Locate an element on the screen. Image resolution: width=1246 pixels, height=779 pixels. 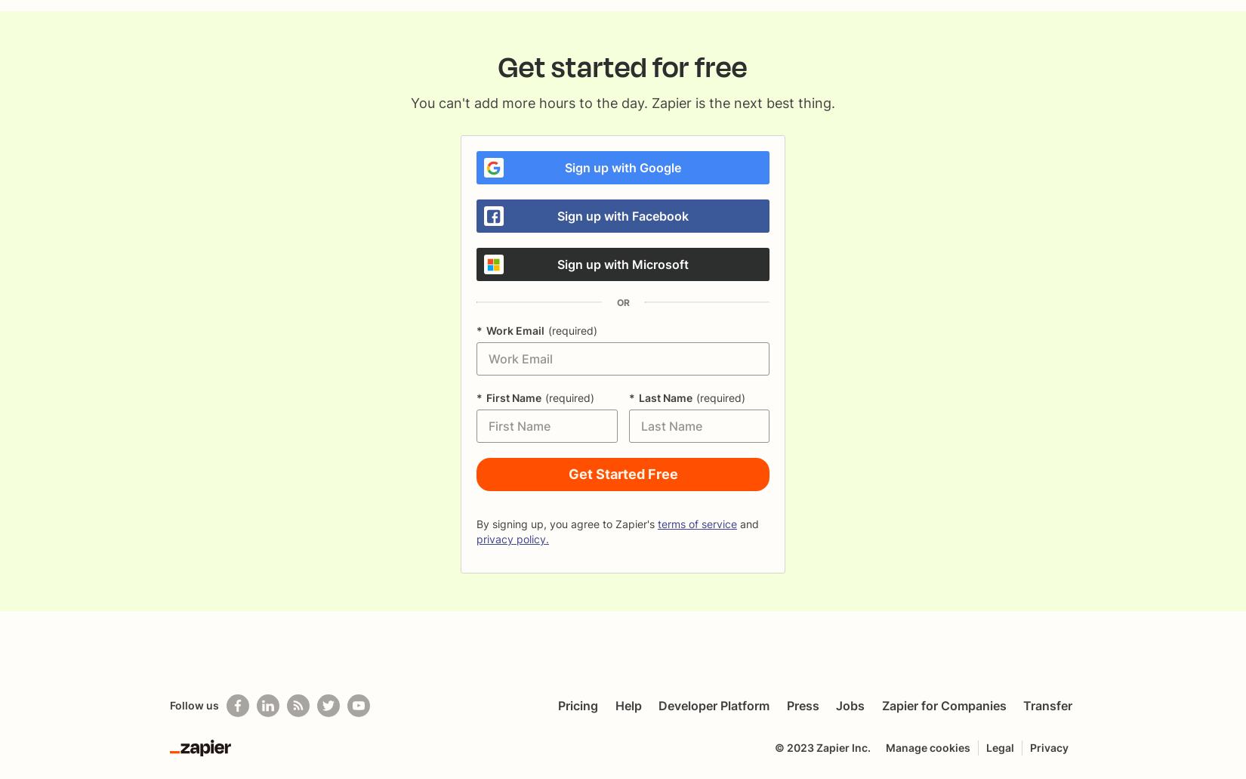
'2023' is located at coordinates (800, 747).